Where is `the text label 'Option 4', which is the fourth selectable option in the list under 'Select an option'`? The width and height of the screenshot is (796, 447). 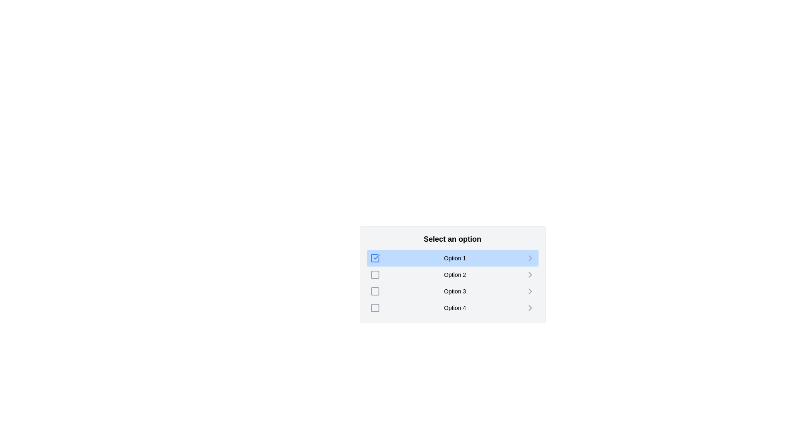
the text label 'Option 4', which is the fourth selectable option in the list under 'Select an option' is located at coordinates (454, 308).